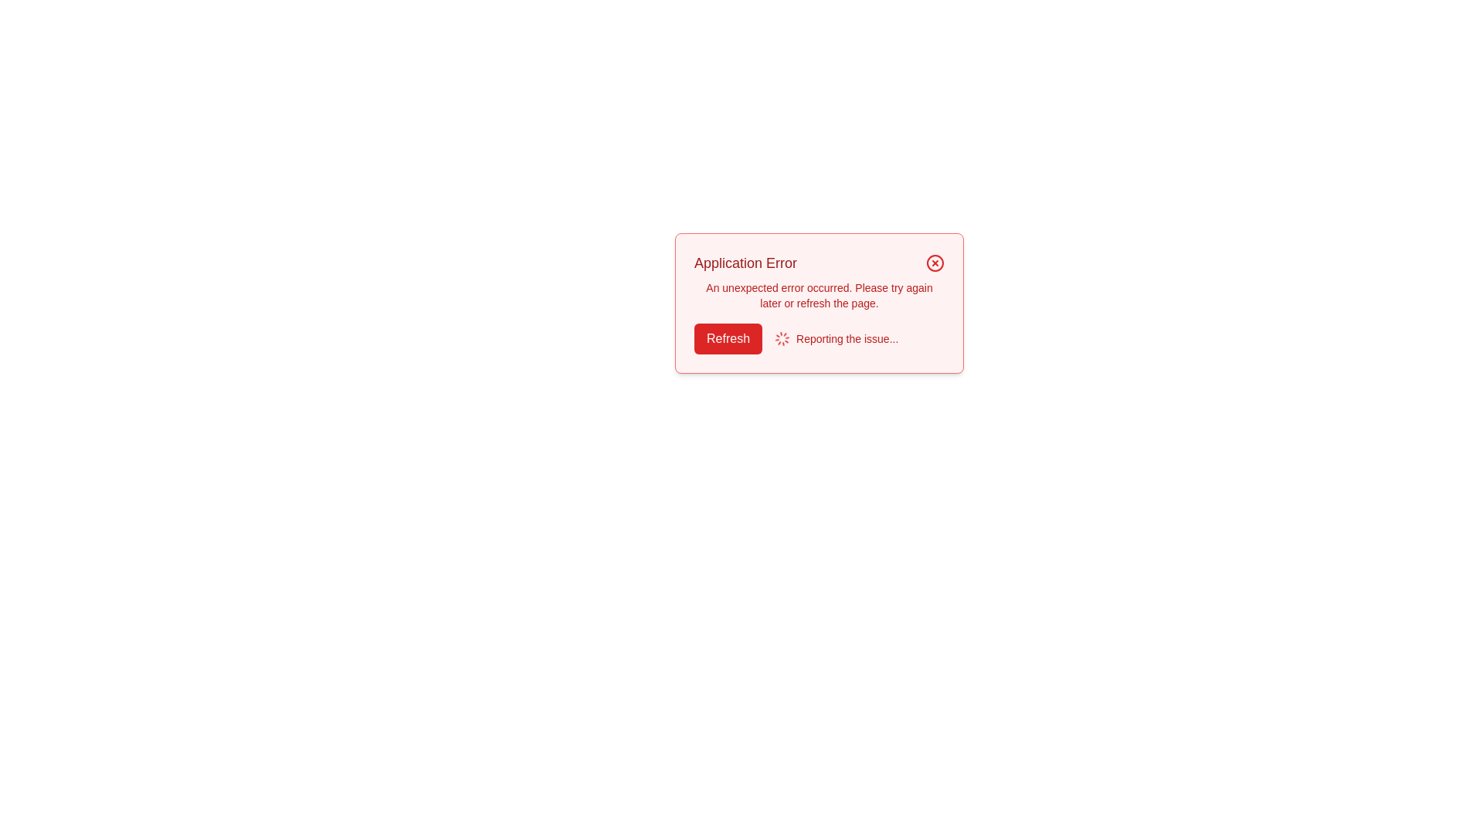 This screenshot has width=1483, height=834. I want to click on the loading icon indicating a processing state, which is positioned between the 'Refresh' button and the text 'Reporting the issue...' in the 'Application Error' notification box, so click(782, 338).